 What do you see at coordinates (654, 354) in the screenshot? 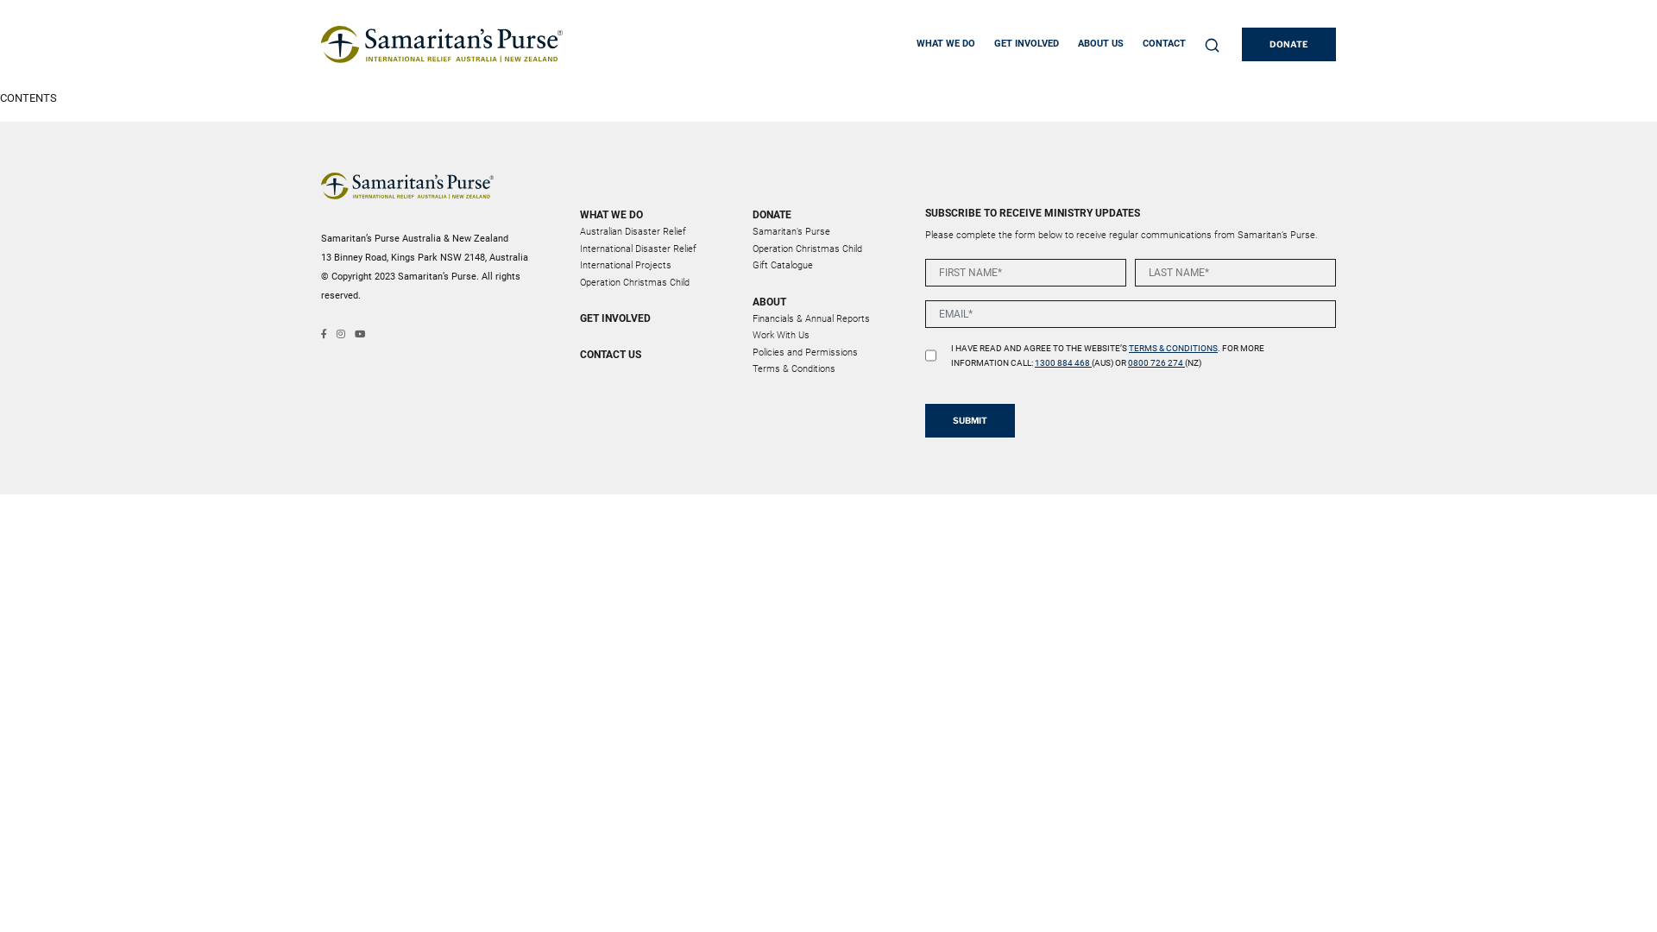
I see `'CONTACT US'` at bounding box center [654, 354].